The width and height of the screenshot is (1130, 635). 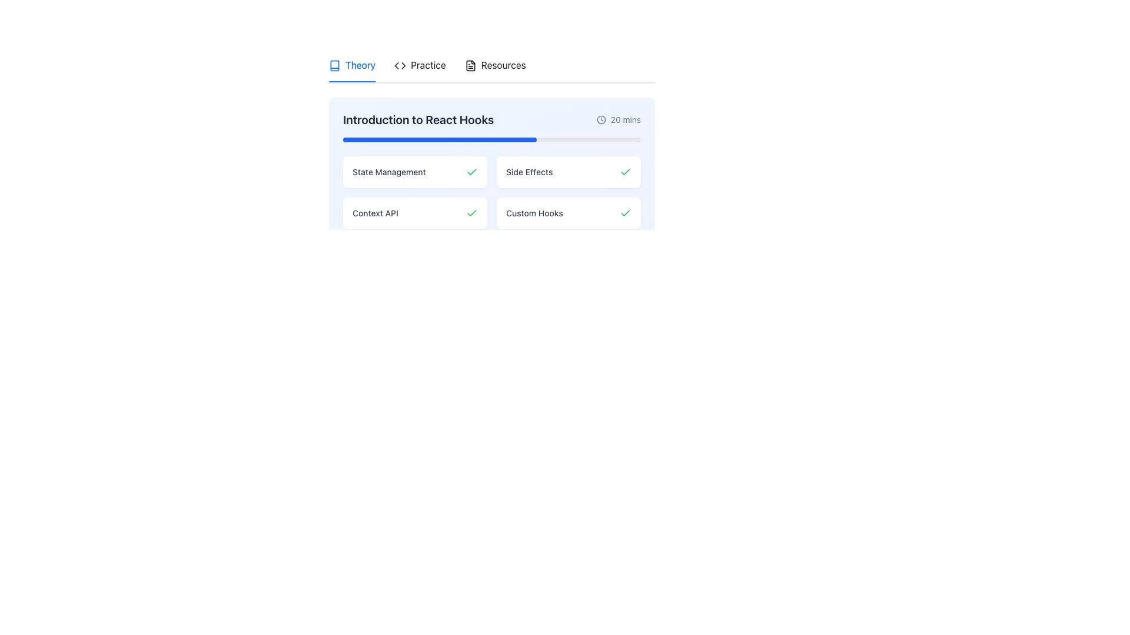 What do you see at coordinates (618, 120) in the screenshot?
I see `time information displayed next to the clock icon that shows '20 mins' in light gray color, located in the top-right of the block for 'Introduction to React Hooks'` at bounding box center [618, 120].